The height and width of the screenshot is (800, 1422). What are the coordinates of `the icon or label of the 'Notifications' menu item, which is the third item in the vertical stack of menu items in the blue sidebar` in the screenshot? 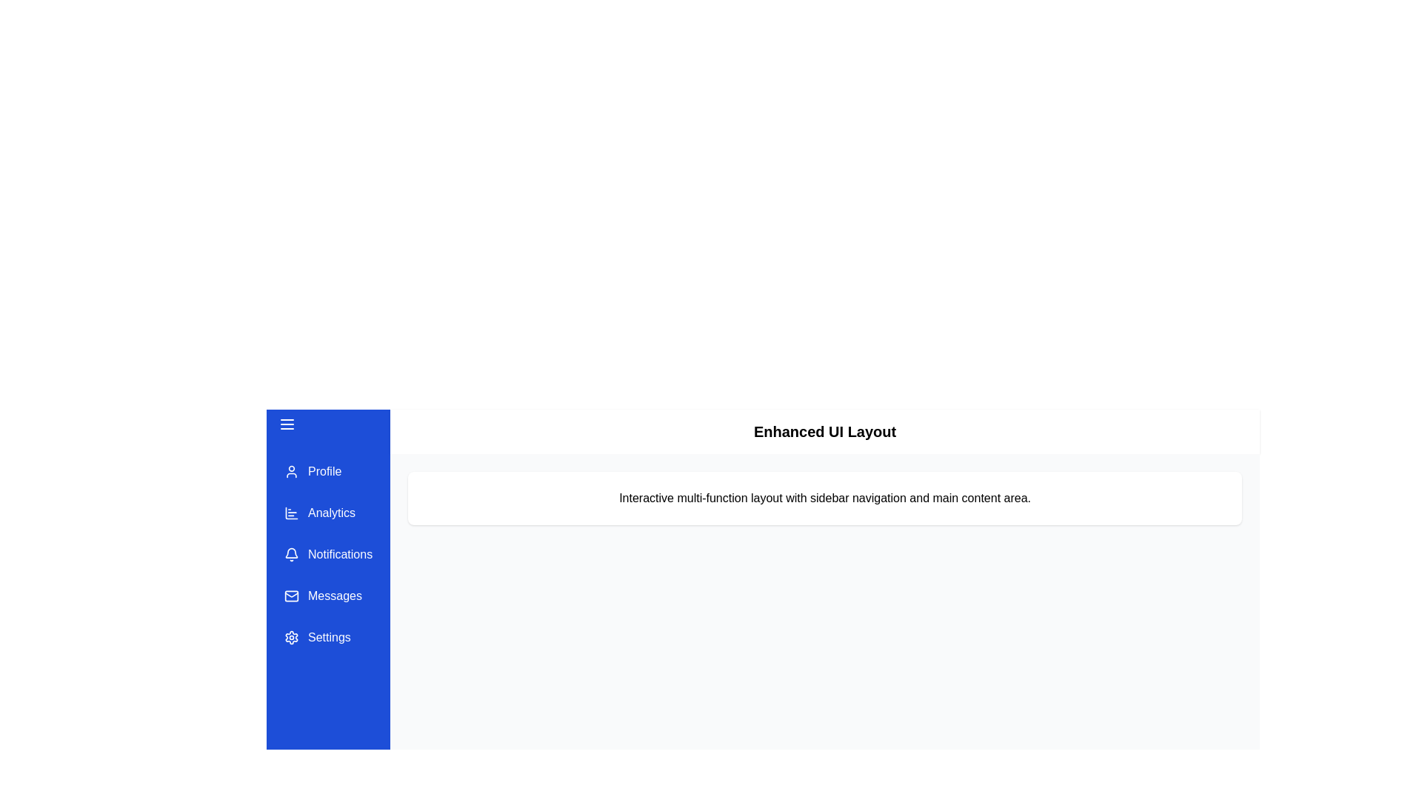 It's located at (327, 554).